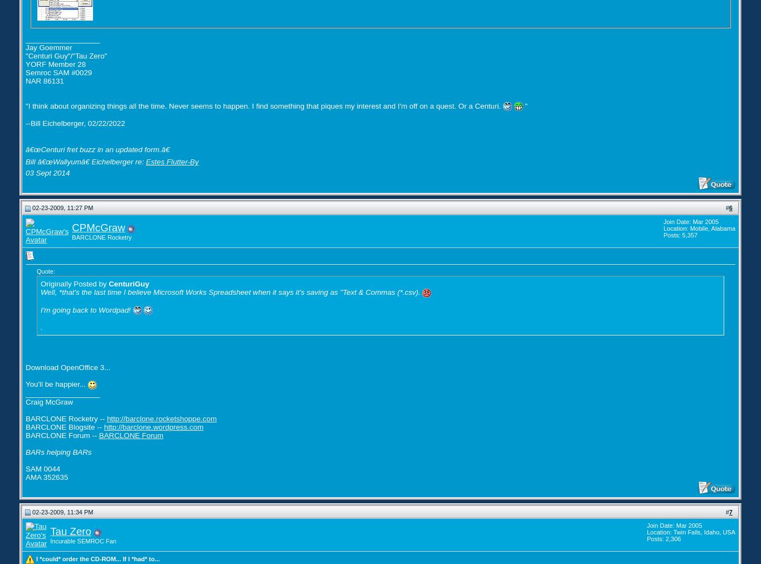  What do you see at coordinates (172, 161) in the screenshot?
I see `'Estes Flutter-By'` at bounding box center [172, 161].